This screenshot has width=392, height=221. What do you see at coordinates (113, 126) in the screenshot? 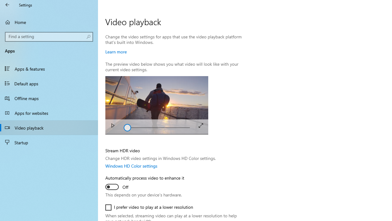
I see `'Play'` at bounding box center [113, 126].